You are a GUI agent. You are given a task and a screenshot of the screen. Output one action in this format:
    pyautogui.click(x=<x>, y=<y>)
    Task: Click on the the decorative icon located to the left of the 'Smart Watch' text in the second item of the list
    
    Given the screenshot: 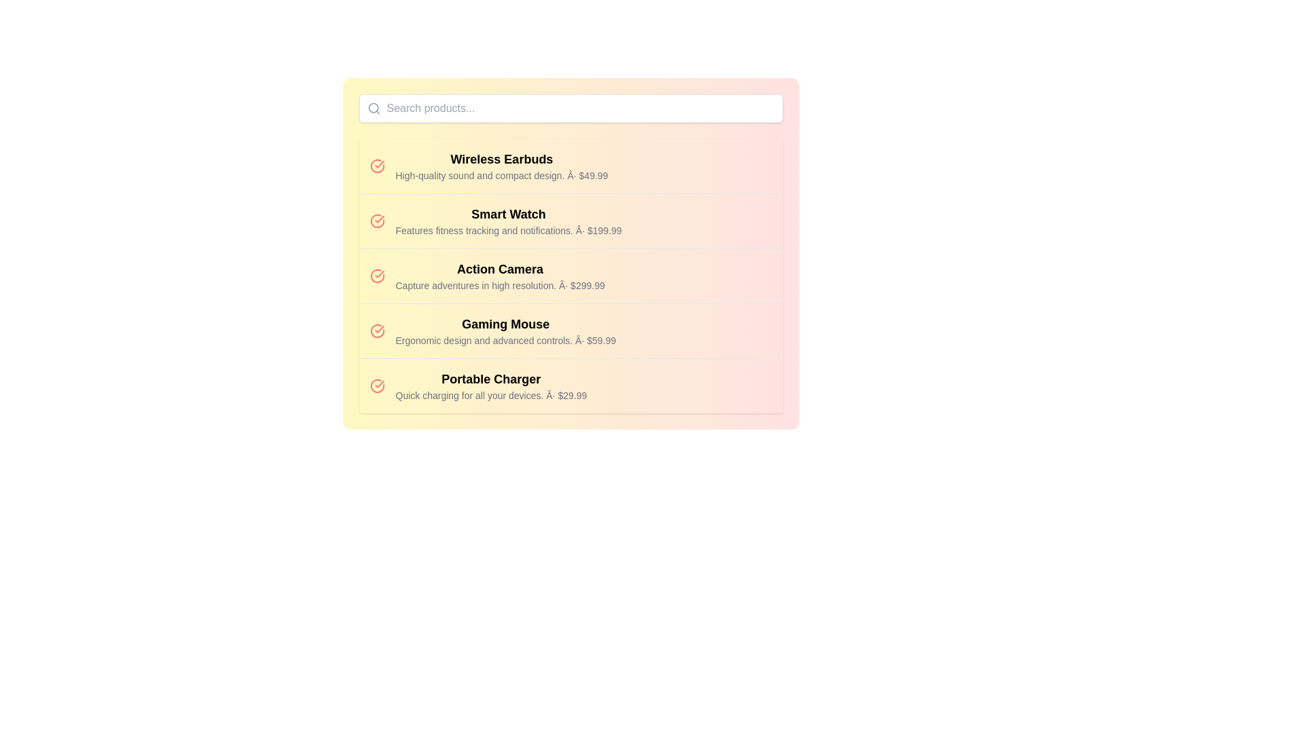 What is the action you would take?
    pyautogui.click(x=377, y=221)
    